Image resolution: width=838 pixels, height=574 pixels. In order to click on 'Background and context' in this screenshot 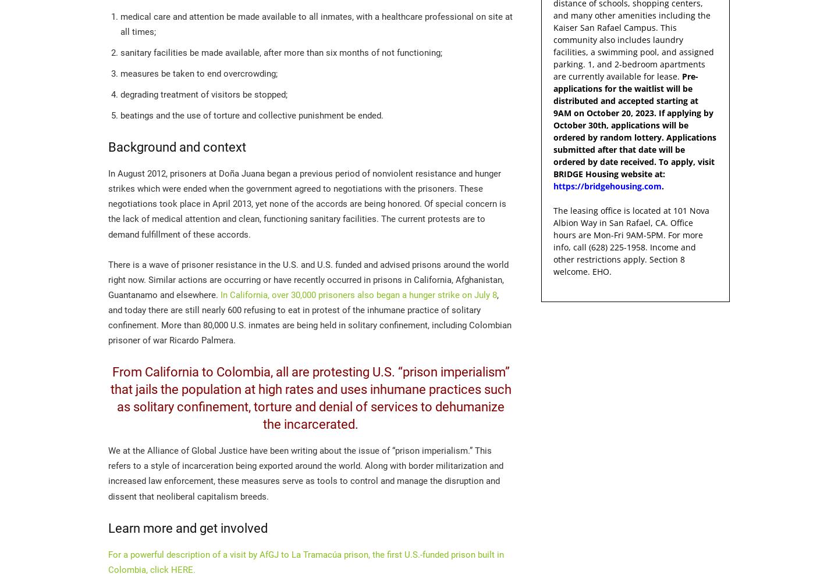, I will do `click(177, 146)`.